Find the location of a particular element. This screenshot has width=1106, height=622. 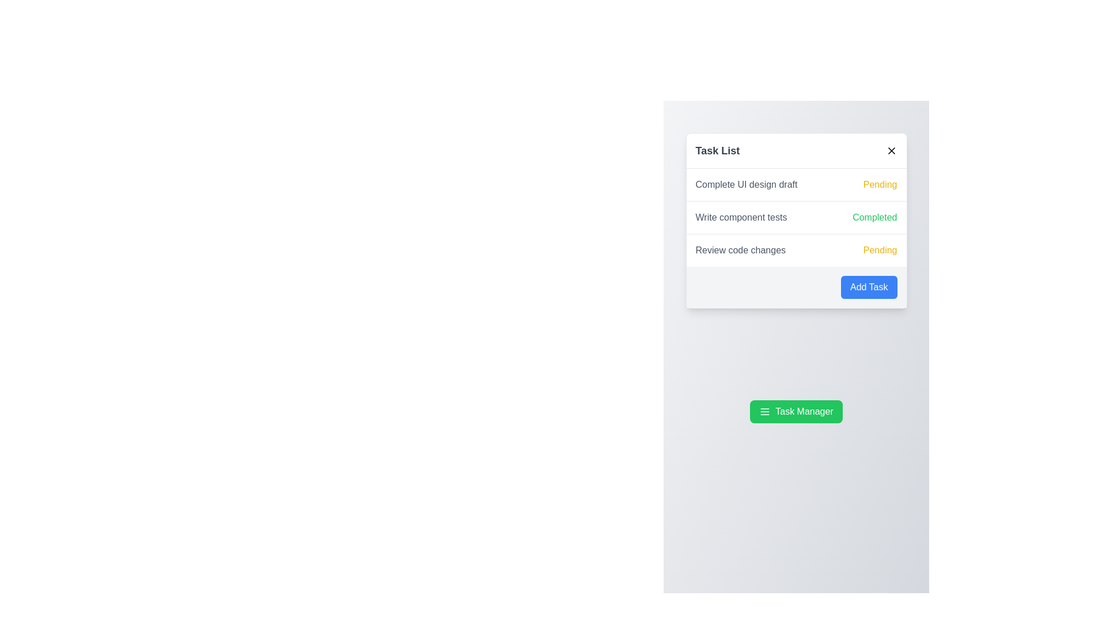

the green rectangular button labeled 'Task Manager' with a menu icon to observe its hover effects is located at coordinates (796, 411).